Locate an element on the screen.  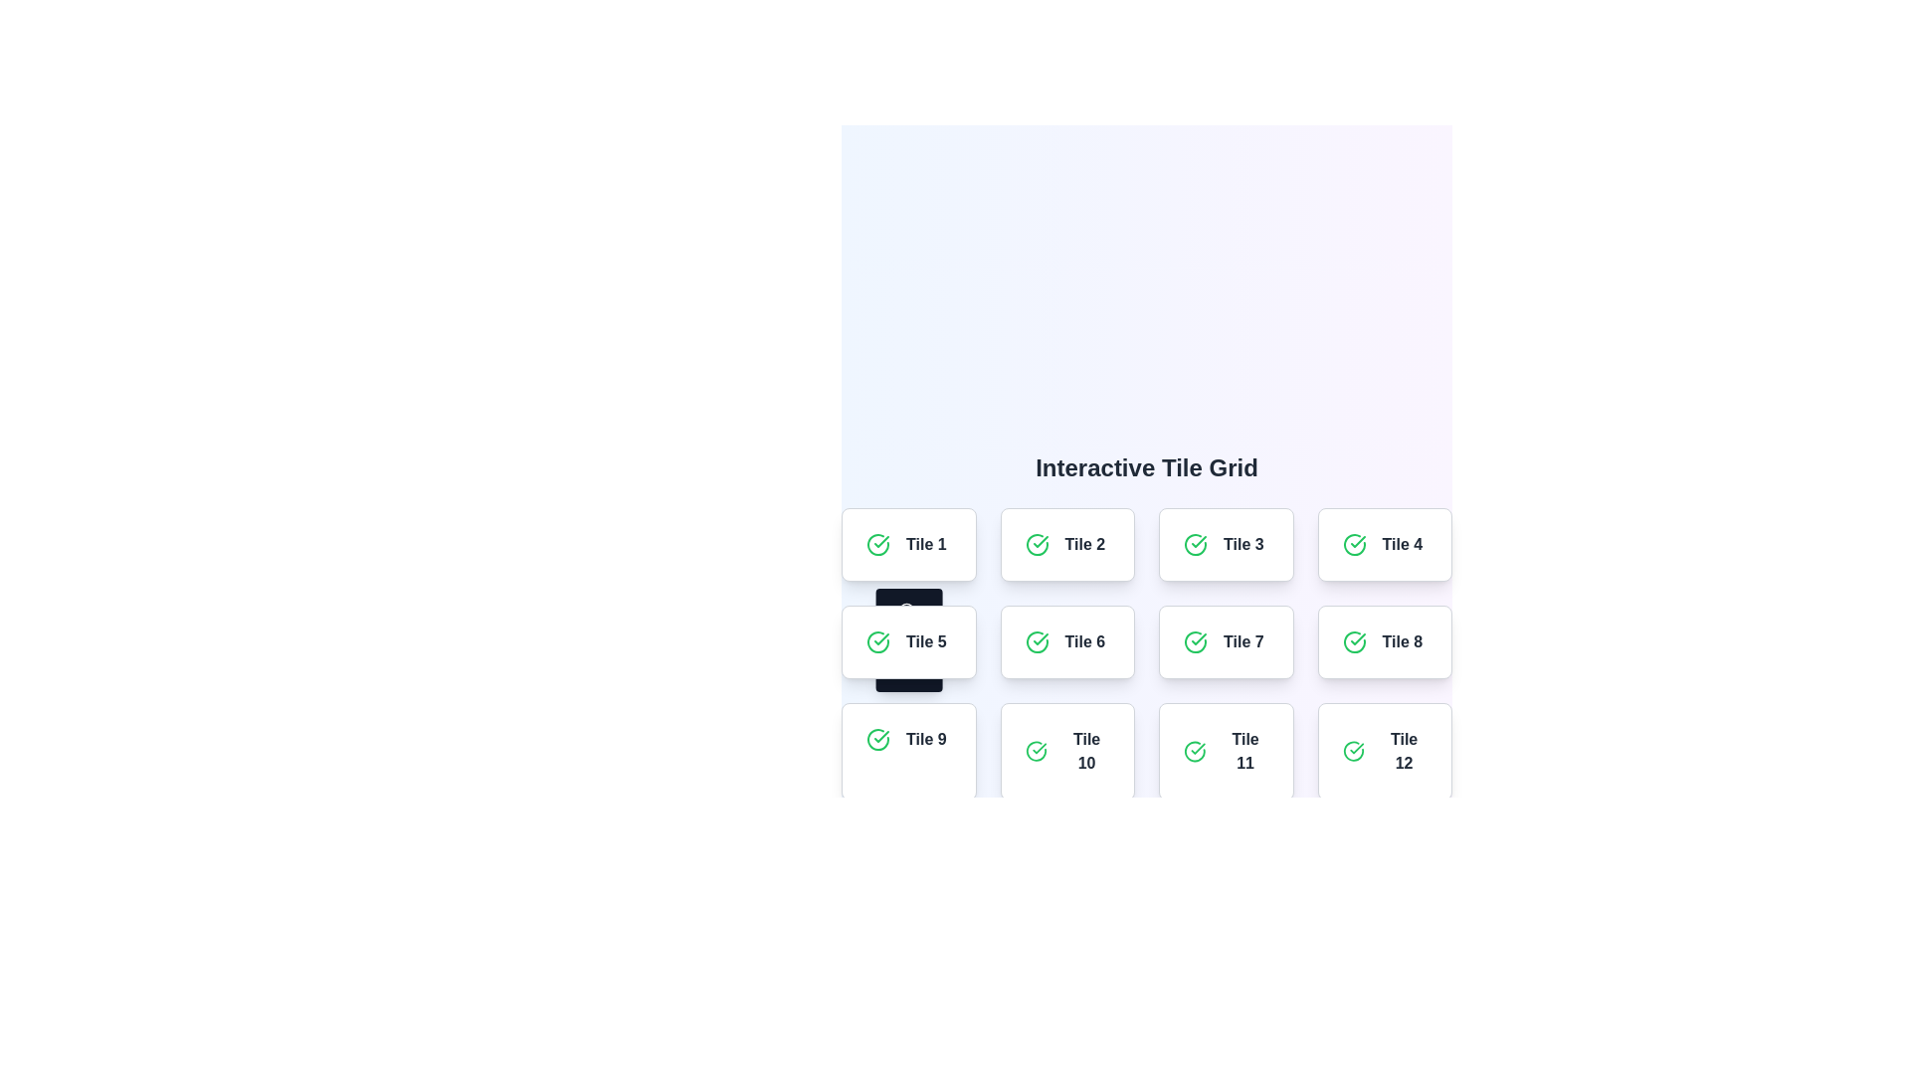
the text label displaying 'Tile 11' is located at coordinates (1244, 752).